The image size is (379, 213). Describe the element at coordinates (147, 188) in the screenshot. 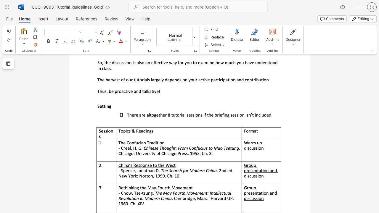

I see `the subset text "May-Fourth Movem" within the text "Rethinking the May-Fourth Movement"` at that location.